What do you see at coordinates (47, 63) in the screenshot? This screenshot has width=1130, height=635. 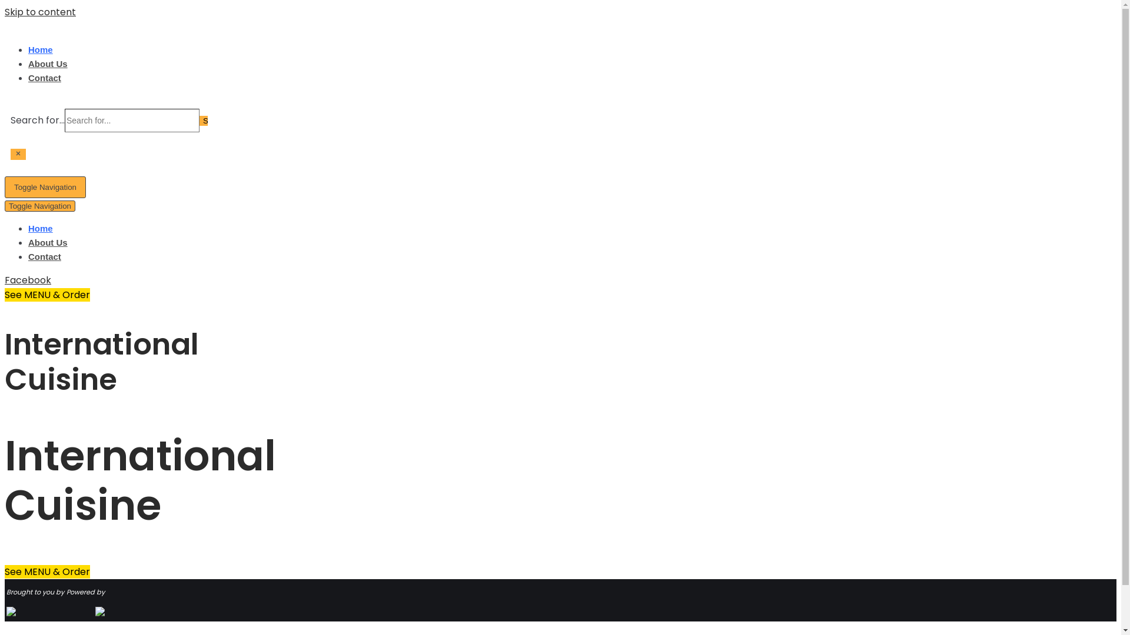 I see `'About Us'` at bounding box center [47, 63].